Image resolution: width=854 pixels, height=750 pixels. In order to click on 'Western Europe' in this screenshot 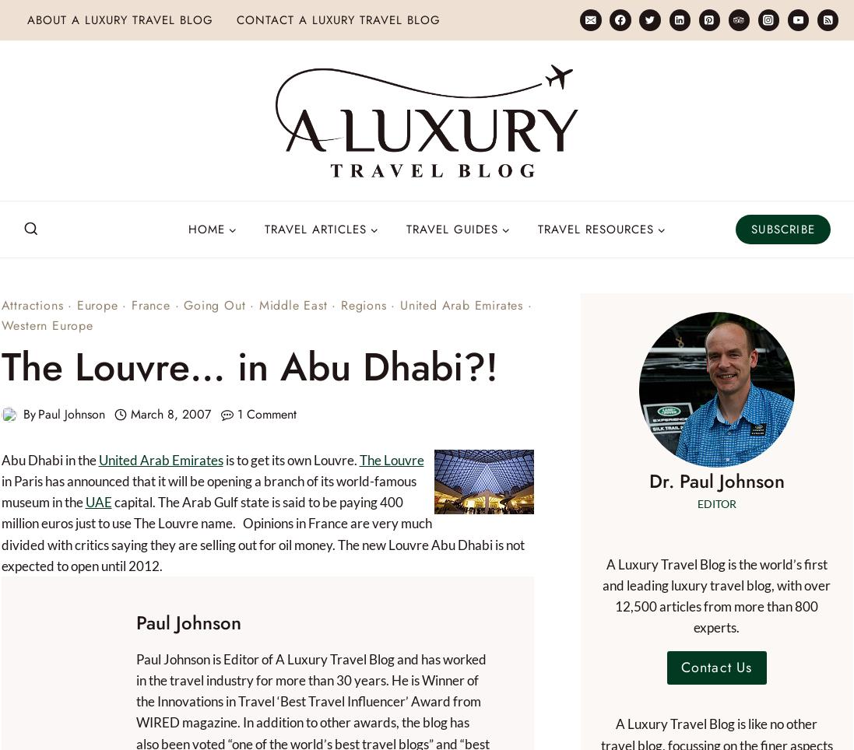, I will do `click(46, 324)`.